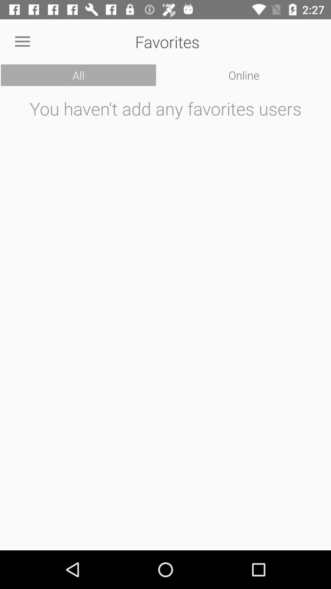  Describe the element at coordinates (22, 41) in the screenshot. I see `the icon above all icon` at that location.